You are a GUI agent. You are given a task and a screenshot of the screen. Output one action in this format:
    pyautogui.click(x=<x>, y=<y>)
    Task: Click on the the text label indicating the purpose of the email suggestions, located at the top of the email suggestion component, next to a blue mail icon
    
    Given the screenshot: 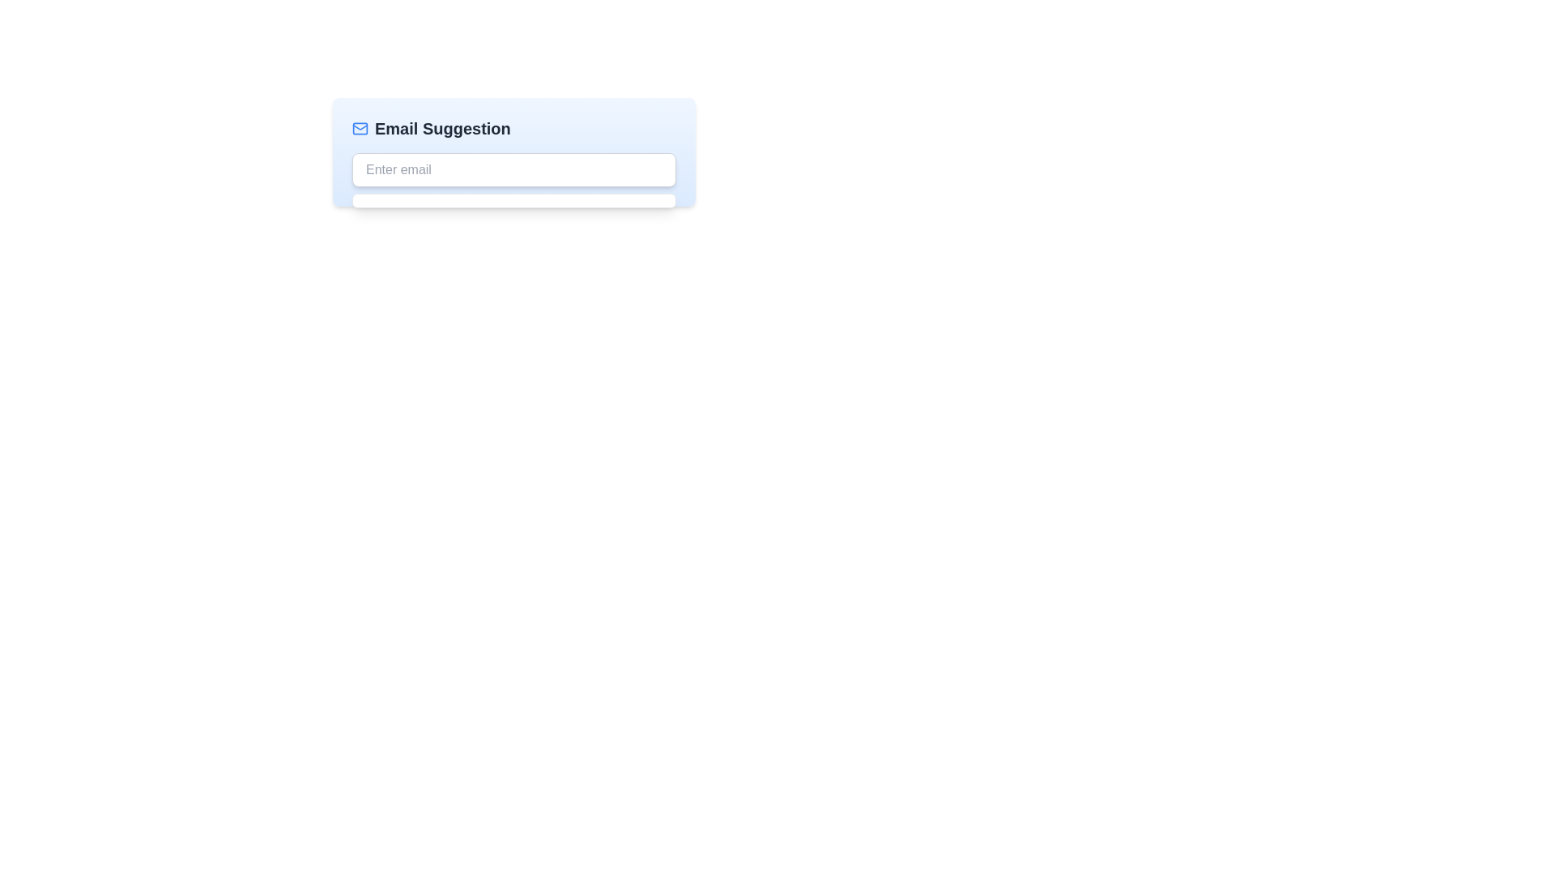 What is the action you would take?
    pyautogui.click(x=442, y=127)
    